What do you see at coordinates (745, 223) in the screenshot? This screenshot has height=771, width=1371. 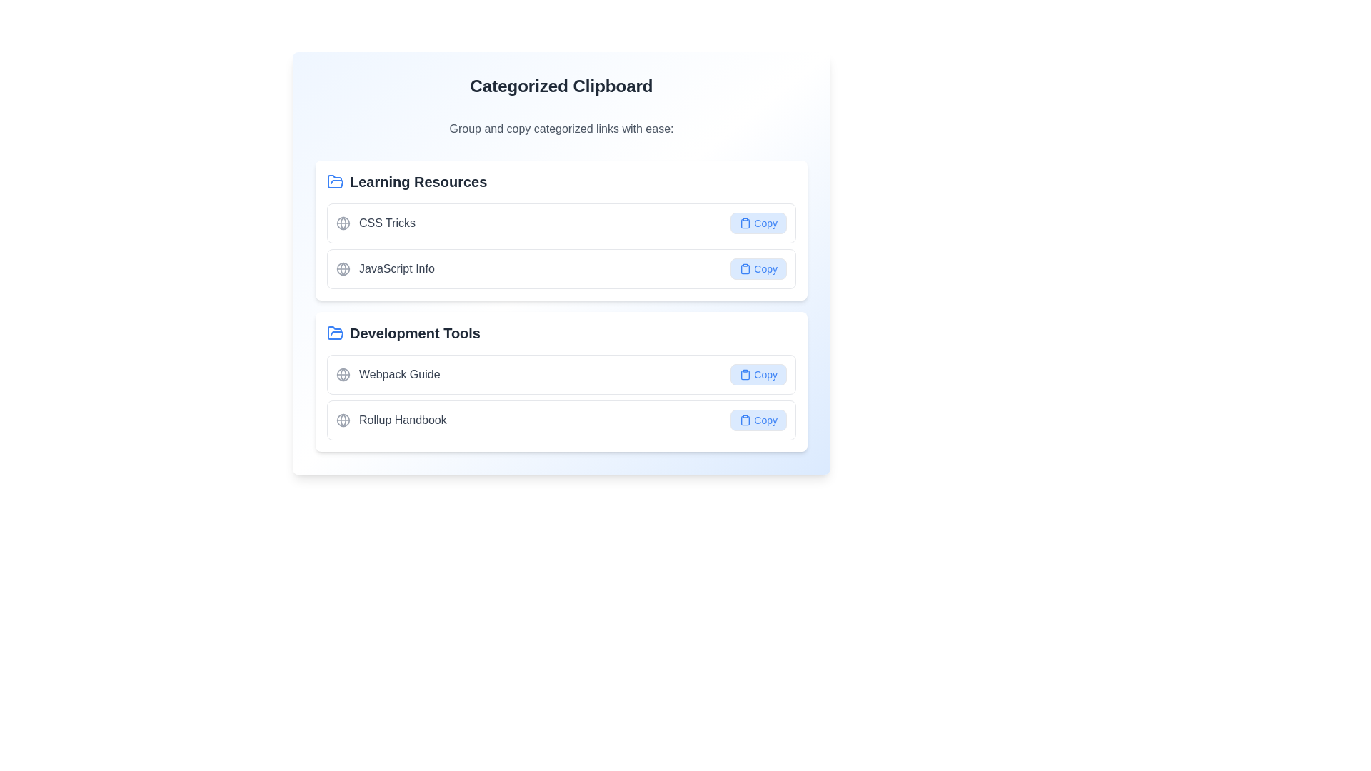 I see `the clipboard icon component within the SVG graphic, which is styled with a simplistic design and is located to the left of the 'Copy' button` at bounding box center [745, 223].